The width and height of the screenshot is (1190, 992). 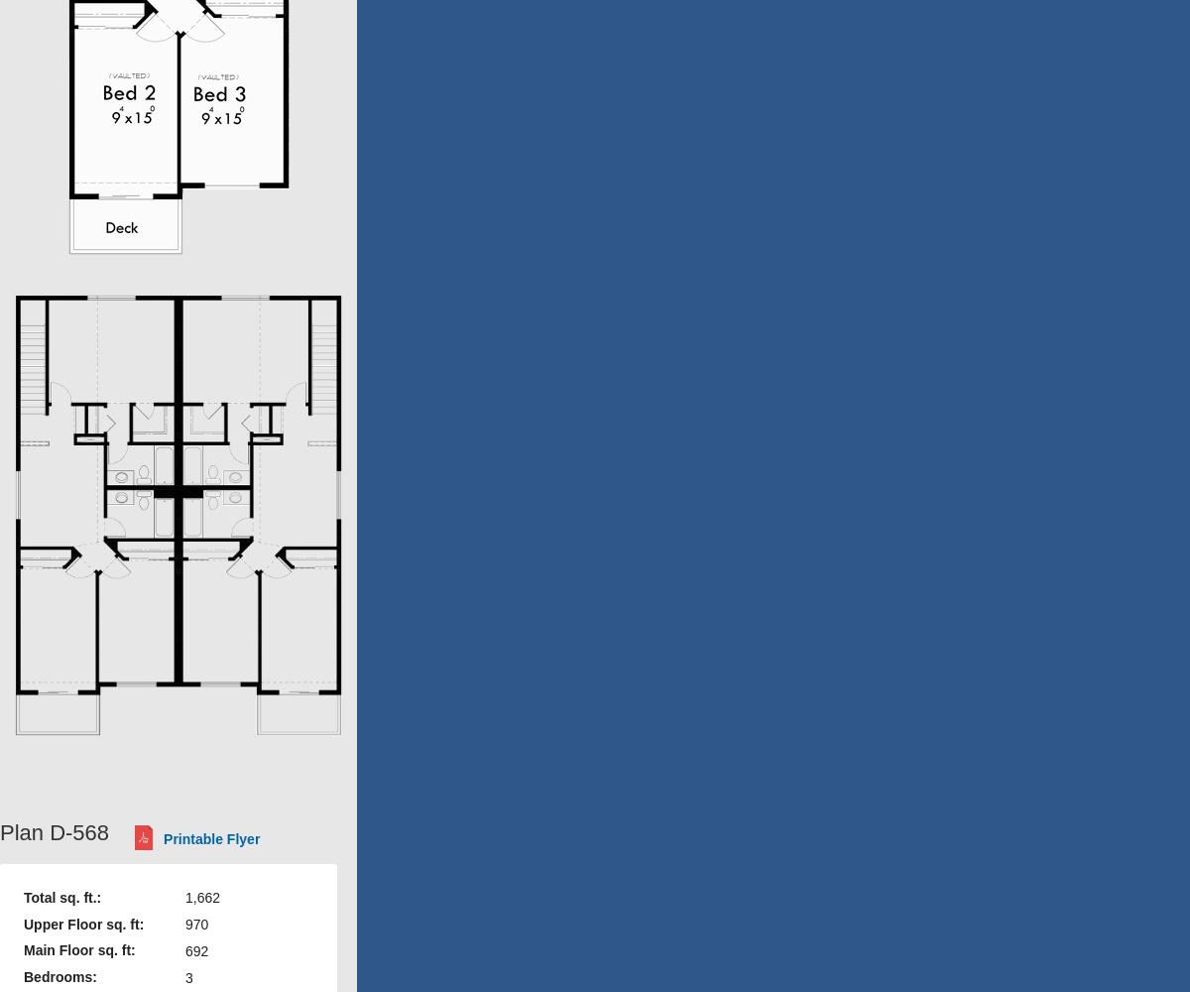 What do you see at coordinates (0, 831) in the screenshot?
I see `'Plan D-568'` at bounding box center [0, 831].